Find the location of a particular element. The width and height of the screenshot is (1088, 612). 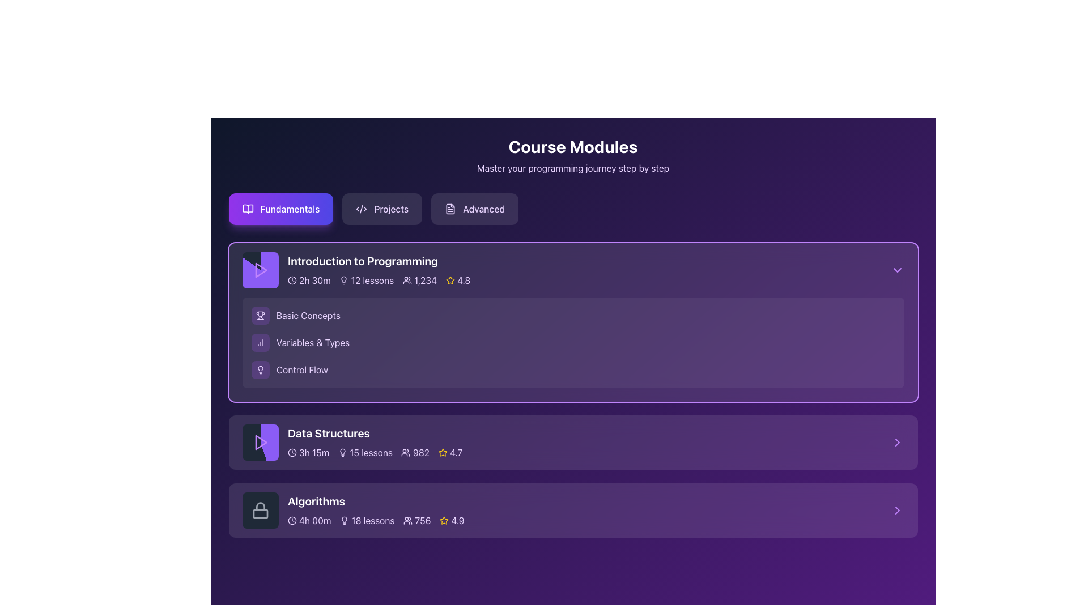

the book icon that signifies the 'Fundamentals' button related to education, located on the left side of the 'Fundamentals' button in the top left section of the interface is located at coordinates (247, 209).